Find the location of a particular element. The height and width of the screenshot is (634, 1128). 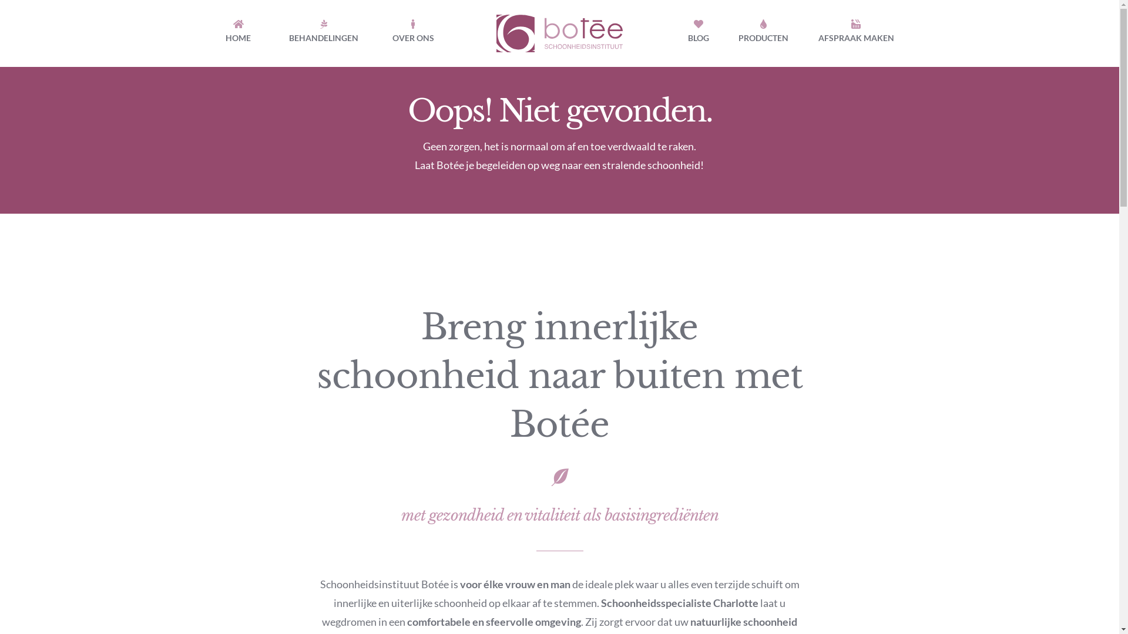

'BLOG' is located at coordinates (699, 33).